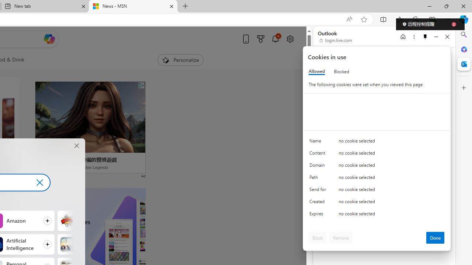 This screenshot has height=265, width=472. What do you see at coordinates (446, 6) in the screenshot?
I see `'Restore'` at bounding box center [446, 6].